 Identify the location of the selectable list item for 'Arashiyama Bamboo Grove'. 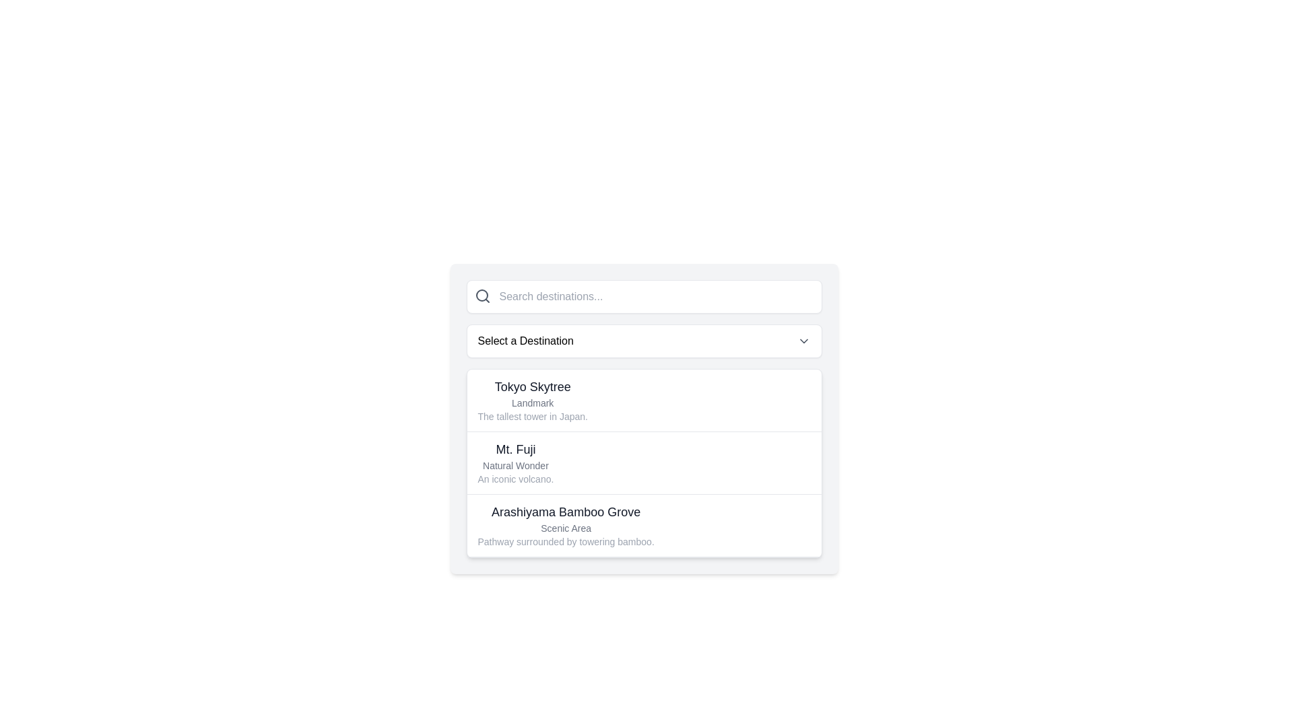
(643, 525).